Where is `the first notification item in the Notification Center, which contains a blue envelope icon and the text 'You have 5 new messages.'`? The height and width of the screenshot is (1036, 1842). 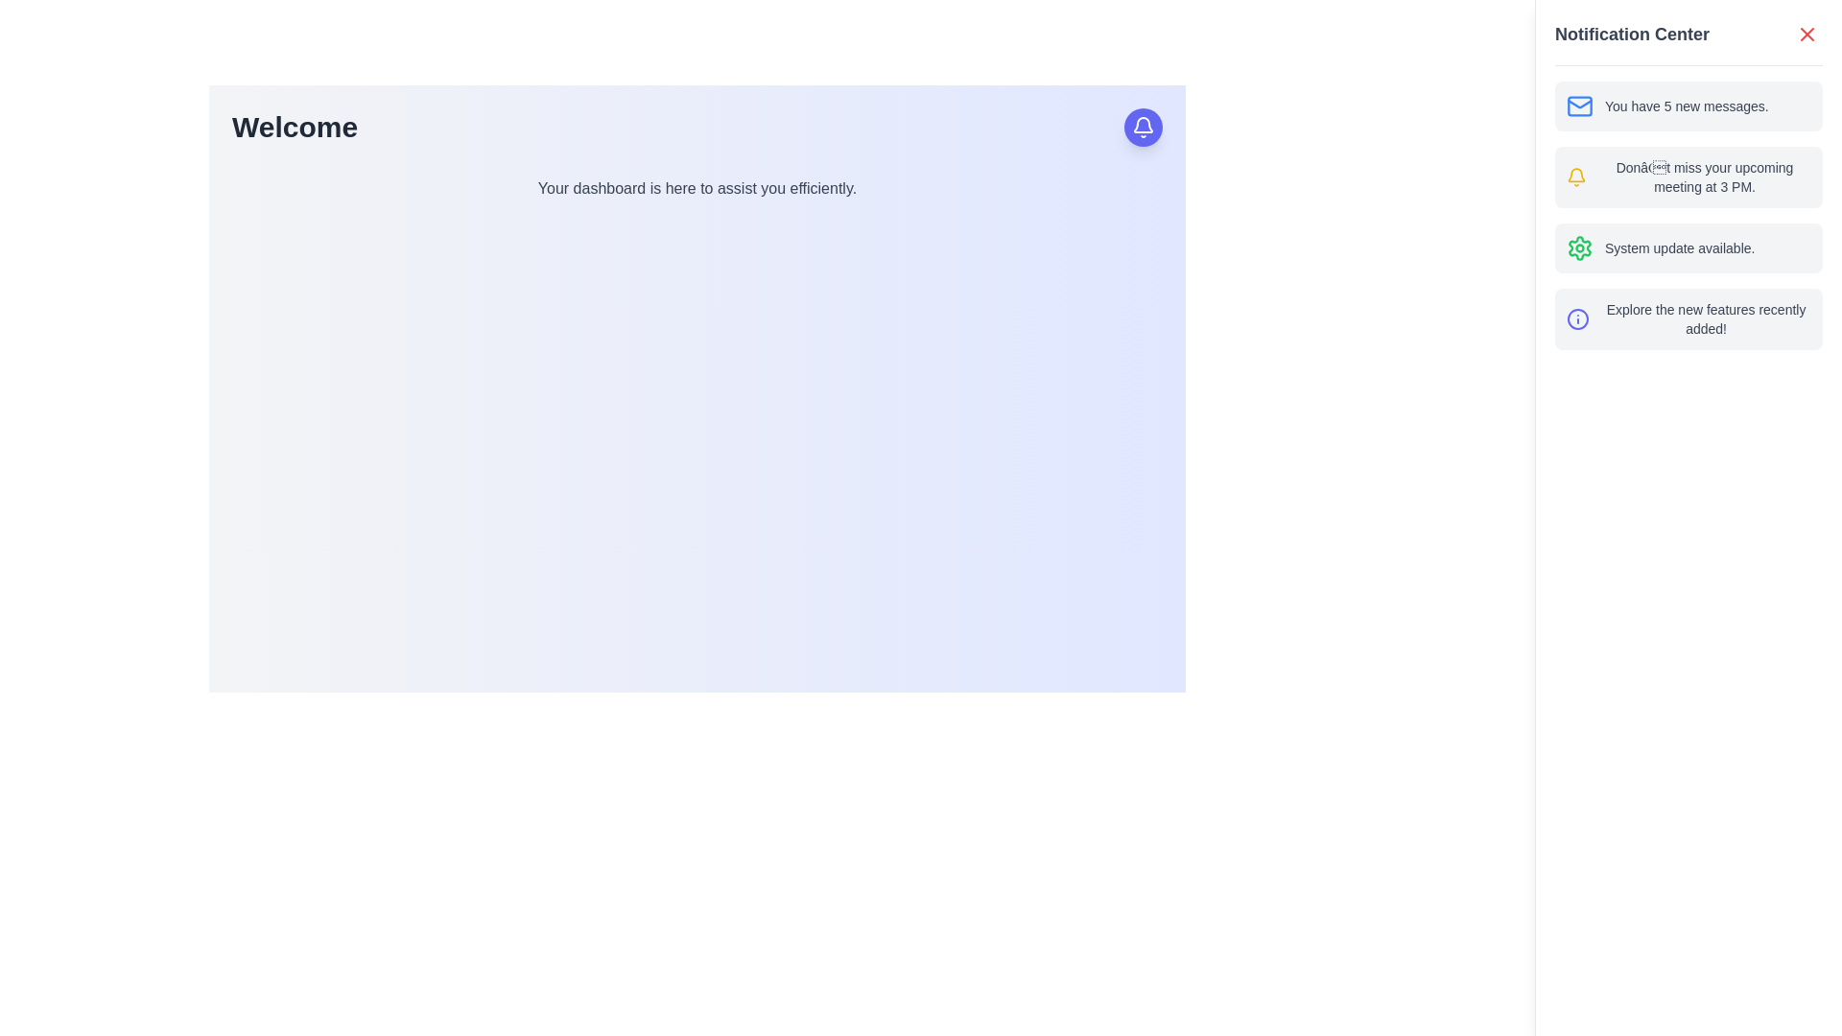
the first notification item in the Notification Center, which contains a blue envelope icon and the text 'You have 5 new messages.' is located at coordinates (1688, 106).